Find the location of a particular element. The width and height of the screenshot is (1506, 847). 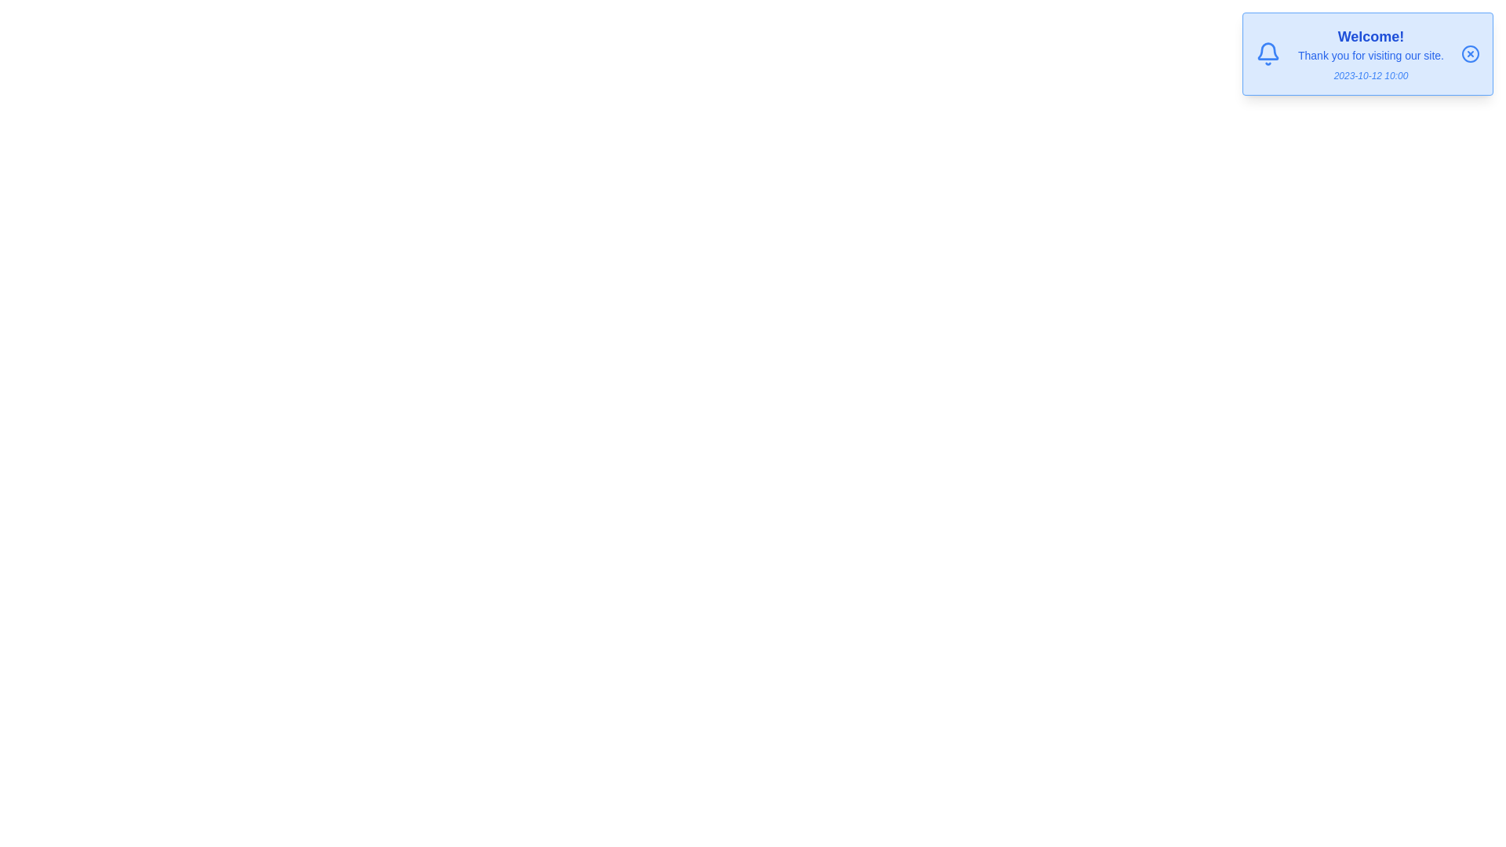

the notification icon located in the snackbar is located at coordinates (1268, 53).